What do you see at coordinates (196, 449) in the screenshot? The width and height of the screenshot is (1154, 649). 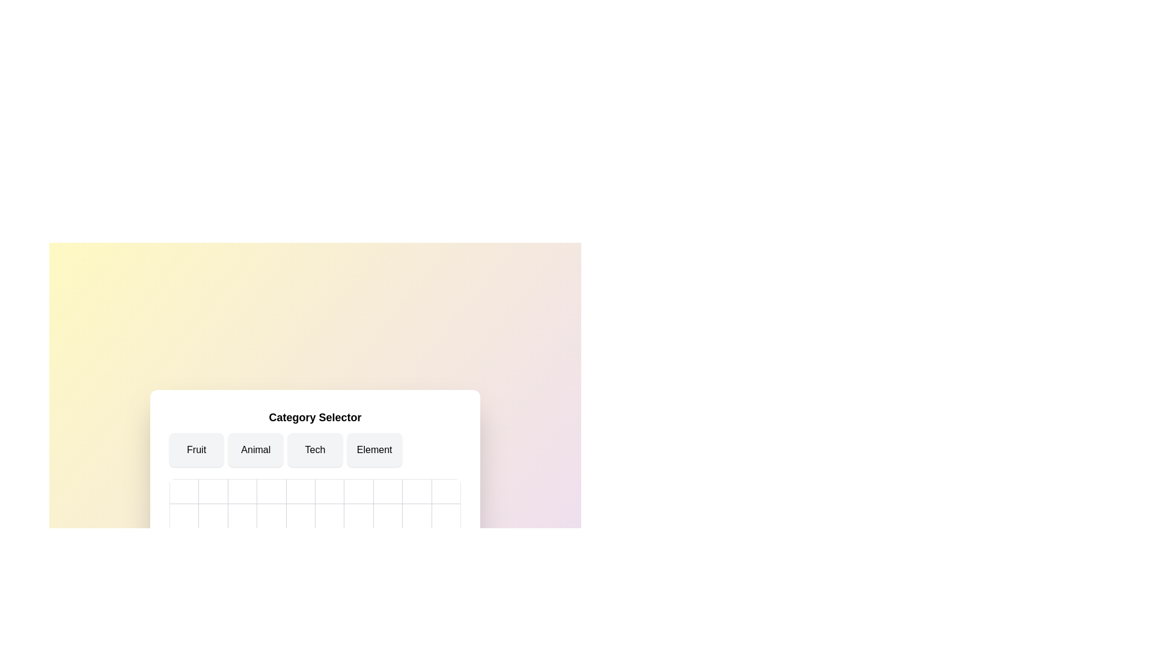 I see `the category Fruit to select it` at bounding box center [196, 449].